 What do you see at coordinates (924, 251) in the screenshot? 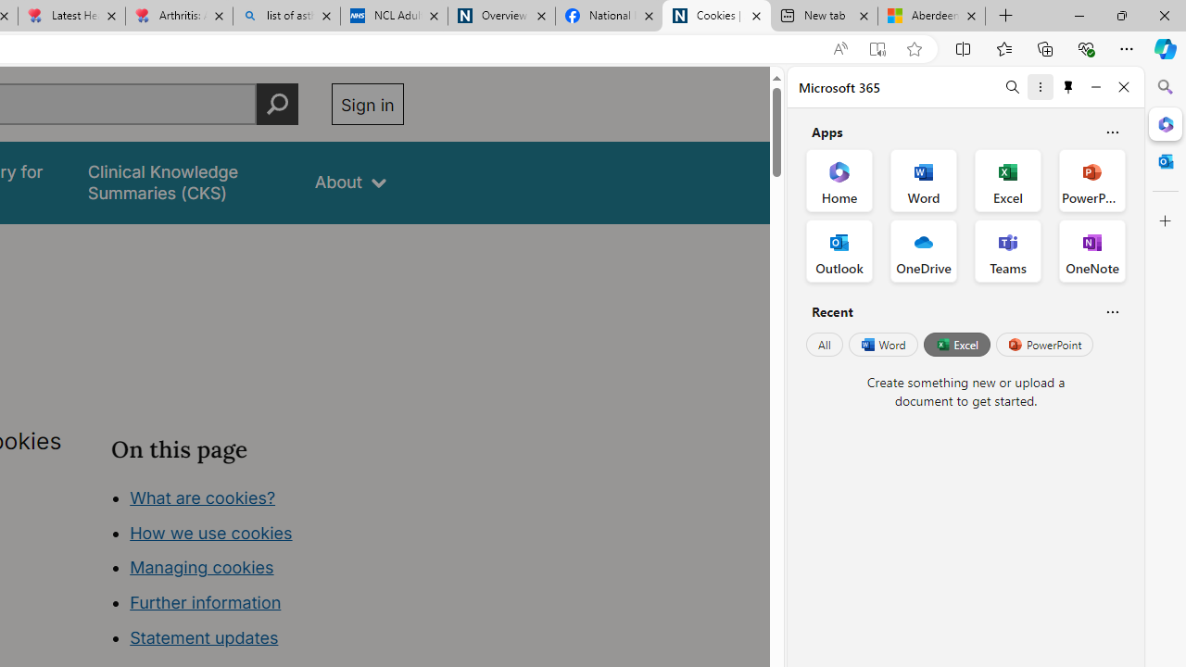
I see `'OneDrive Office App'` at bounding box center [924, 251].